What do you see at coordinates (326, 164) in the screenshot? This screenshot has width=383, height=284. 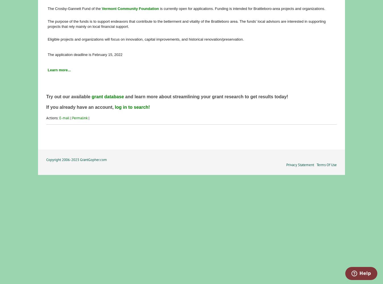 I see `'Terms Of Use'` at bounding box center [326, 164].